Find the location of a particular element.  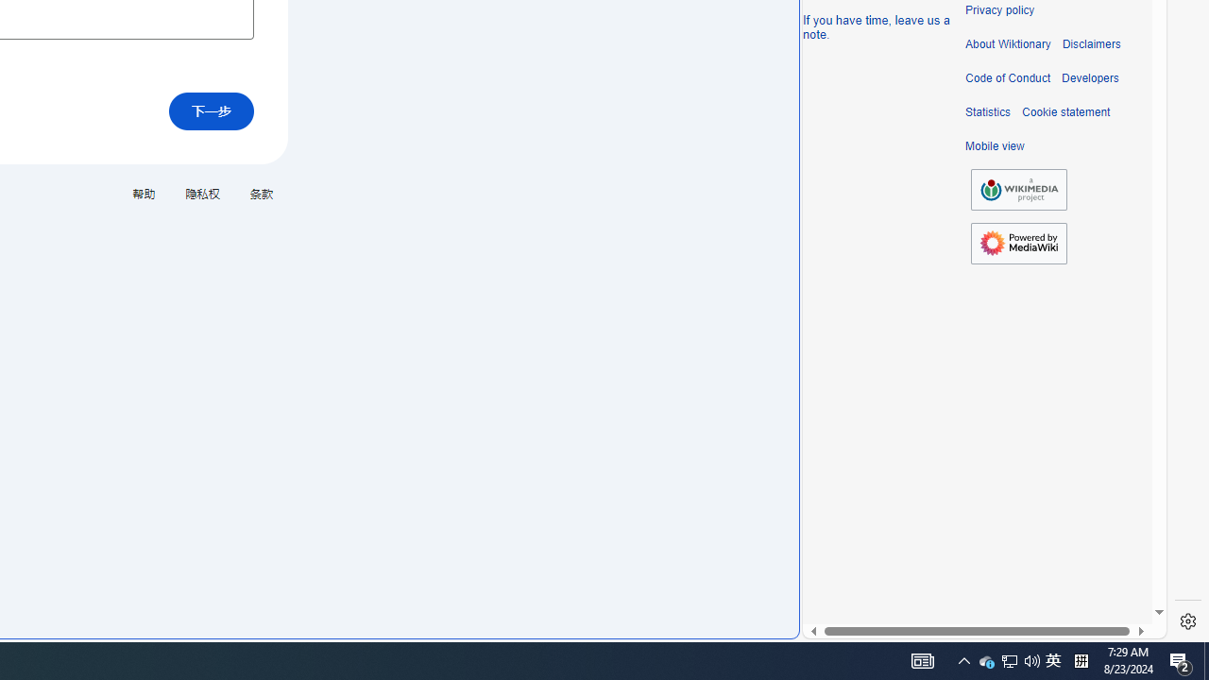

'Disclaimers' is located at coordinates (1091, 43).